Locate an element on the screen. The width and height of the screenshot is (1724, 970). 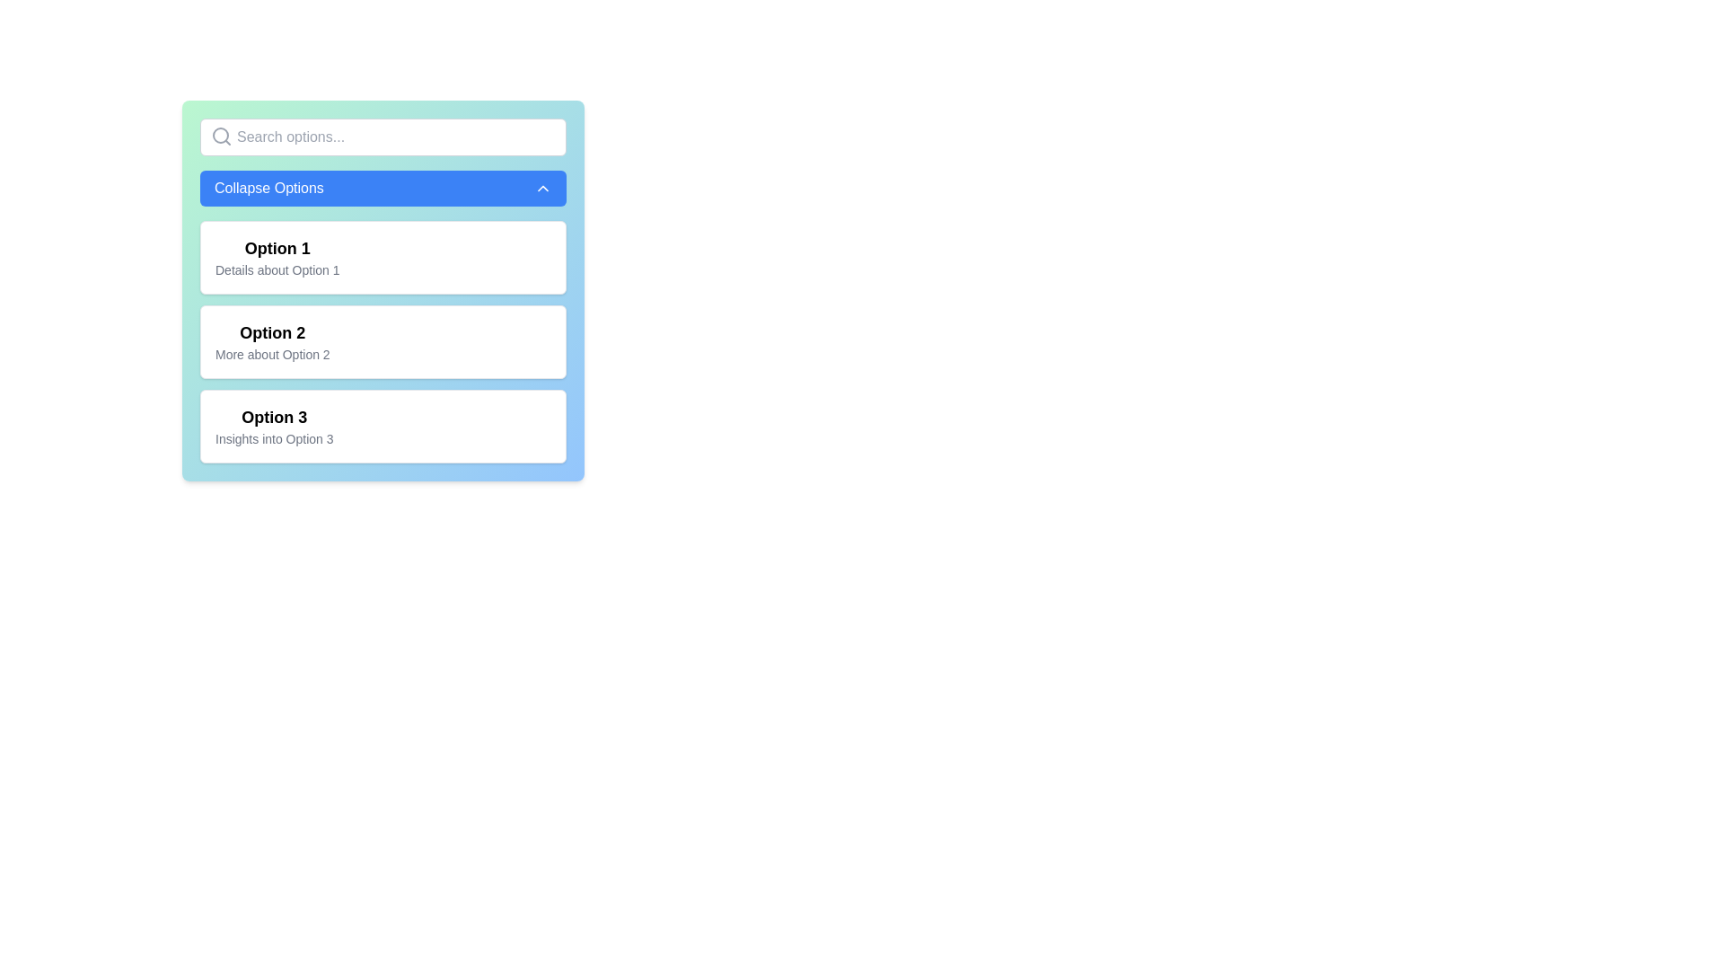
the text label that says 'Collapse Options', which is displayed in white on a solid blue background, located near the top of a dropdown menu-like interface is located at coordinates (268, 188).